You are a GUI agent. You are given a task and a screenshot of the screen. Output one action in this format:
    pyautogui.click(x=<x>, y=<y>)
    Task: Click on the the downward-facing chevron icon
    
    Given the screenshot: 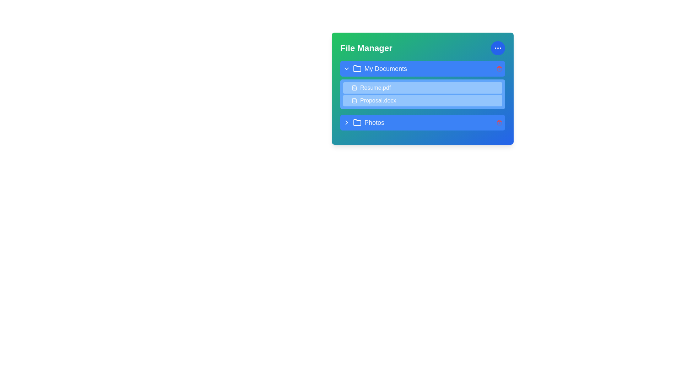 What is the action you would take?
    pyautogui.click(x=346, y=68)
    